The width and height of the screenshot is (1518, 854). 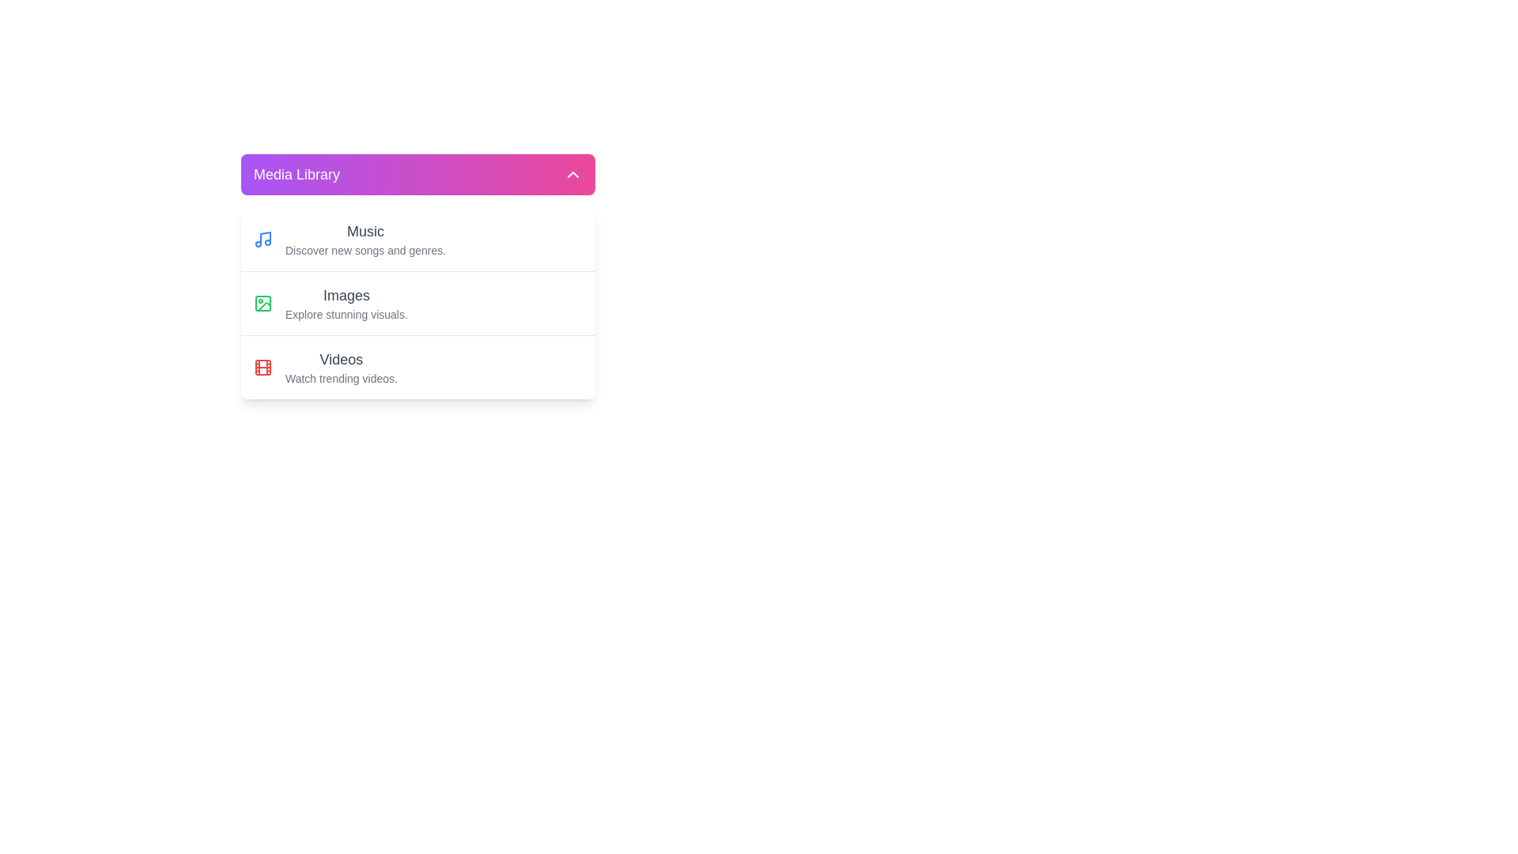 I want to click on the descriptive text located beneath the 'Images' title, which provides additional information about the 'Images' section, so click(x=346, y=314).